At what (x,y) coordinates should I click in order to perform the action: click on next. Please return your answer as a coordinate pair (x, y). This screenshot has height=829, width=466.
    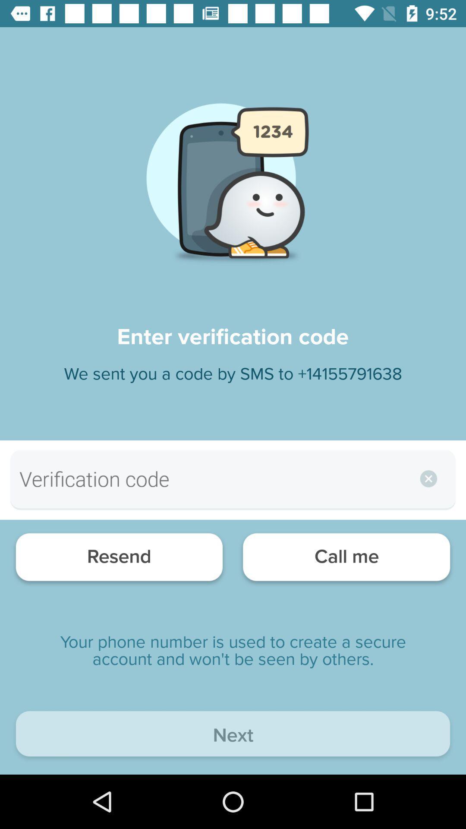
    Looking at the image, I should click on (233, 735).